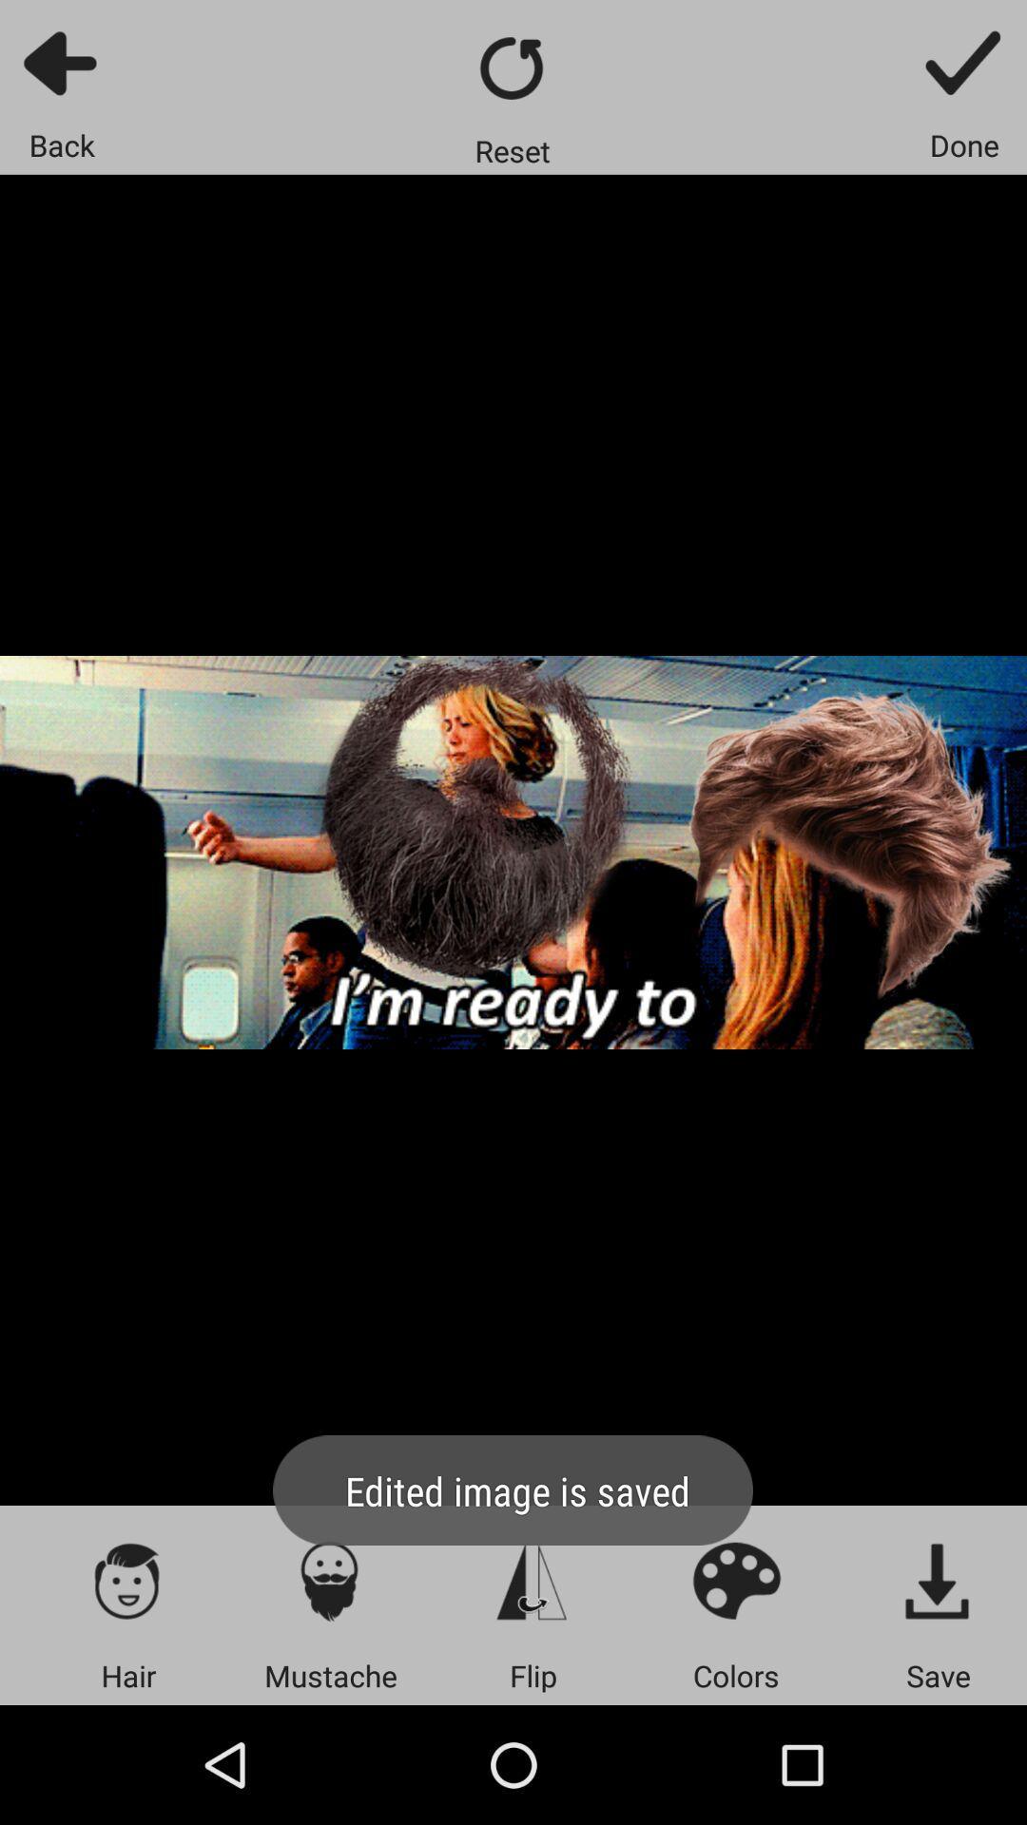  What do you see at coordinates (964, 62) in the screenshot?
I see `done` at bounding box center [964, 62].